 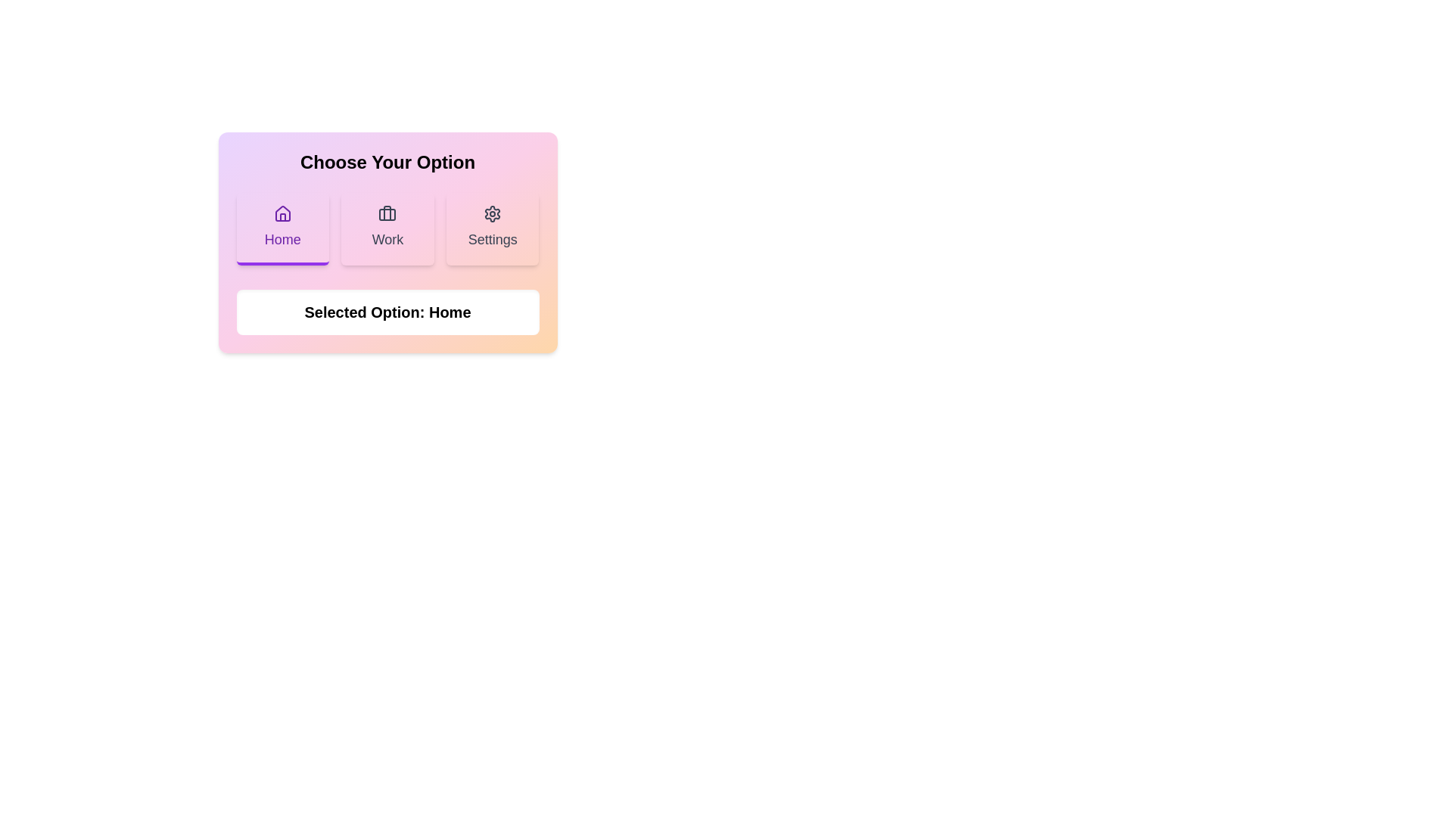 I want to click on the 'Settings' button, which is a rectangular button with a gear icon and the word 'Settings' below it, located at the far right of a group of three buttons, so click(x=493, y=229).